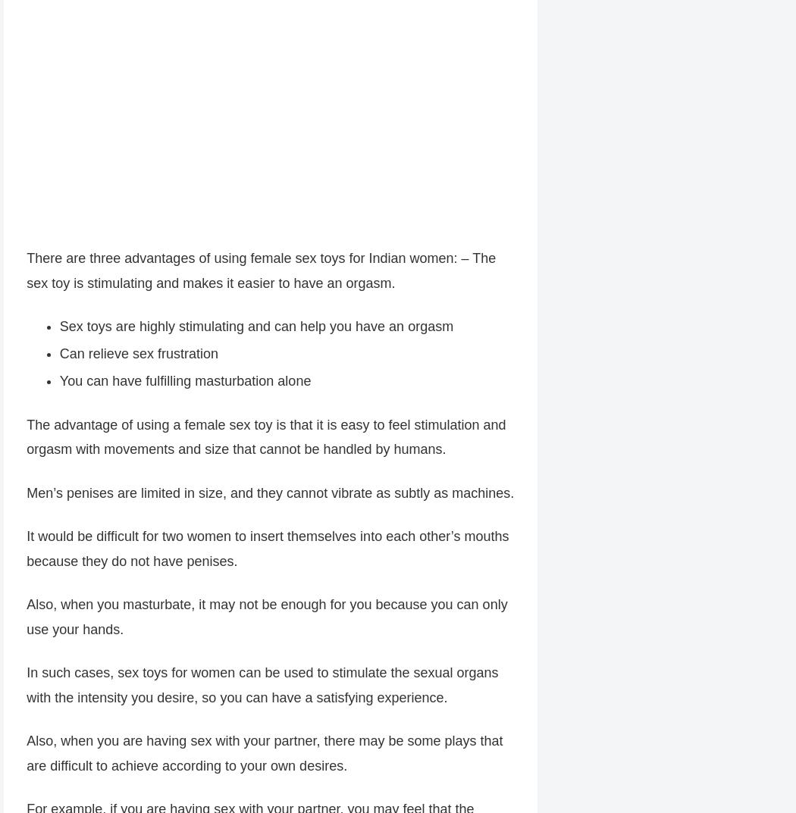  I want to click on 'You can have fulfilling masturbation alone', so click(185, 383).